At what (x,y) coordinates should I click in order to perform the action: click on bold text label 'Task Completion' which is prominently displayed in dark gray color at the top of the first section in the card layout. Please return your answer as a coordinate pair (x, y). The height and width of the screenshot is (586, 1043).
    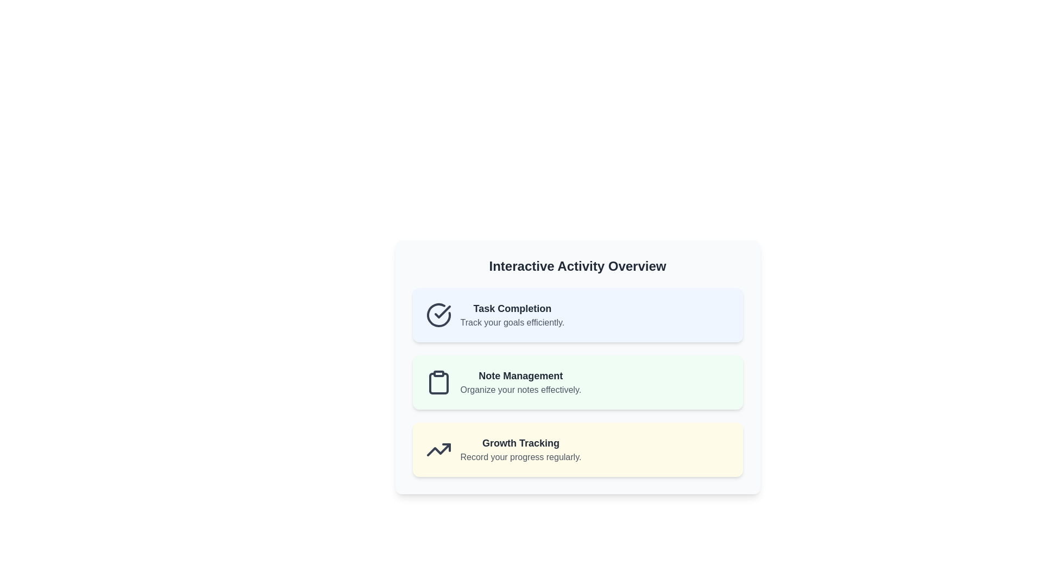
    Looking at the image, I should click on (512, 309).